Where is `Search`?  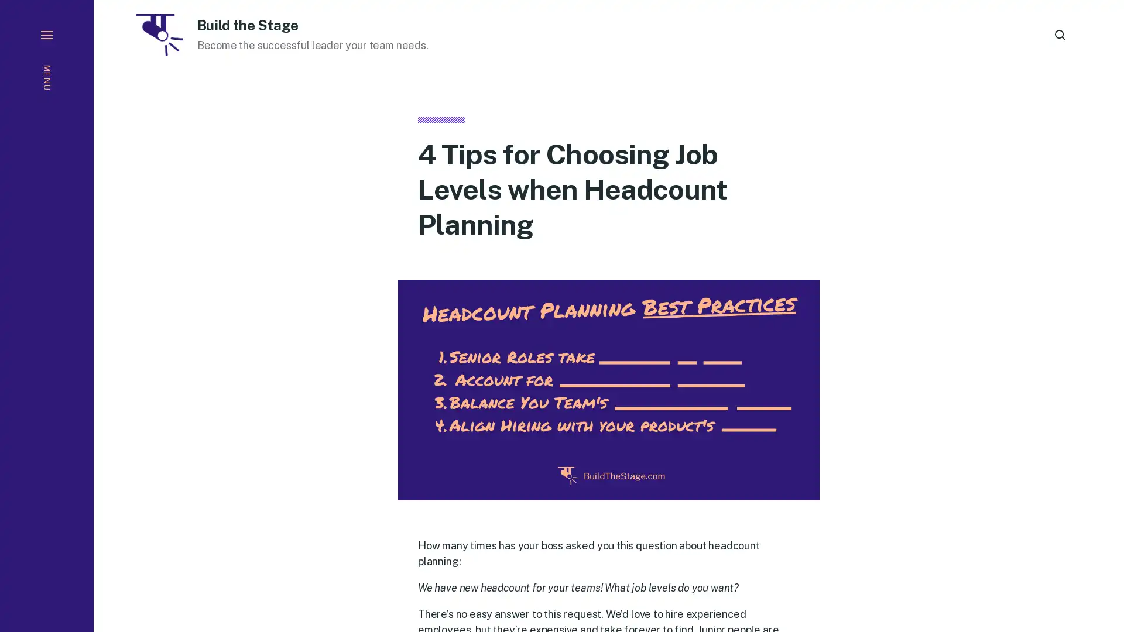 Search is located at coordinates (1060, 35).